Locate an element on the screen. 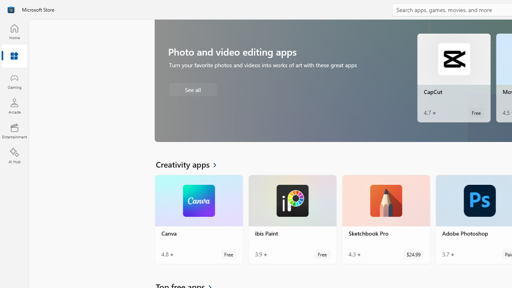 The height and width of the screenshot is (288, 512). 'Entertainment' is located at coordinates (14, 130).